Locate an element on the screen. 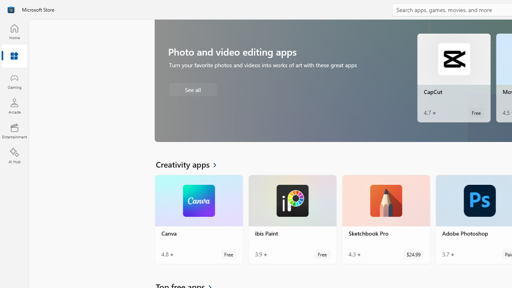 The height and width of the screenshot is (288, 512). 'Entertainment' is located at coordinates (14, 130).